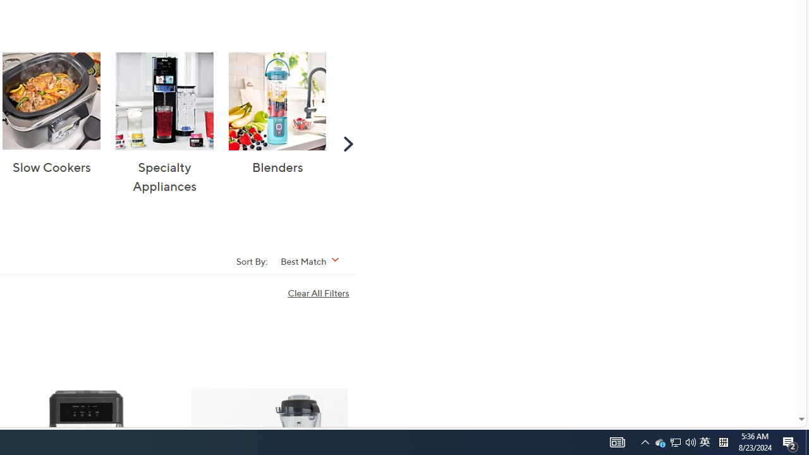 The height and width of the screenshot is (455, 809). I want to click on 'Sort By Best Match', so click(314, 260).